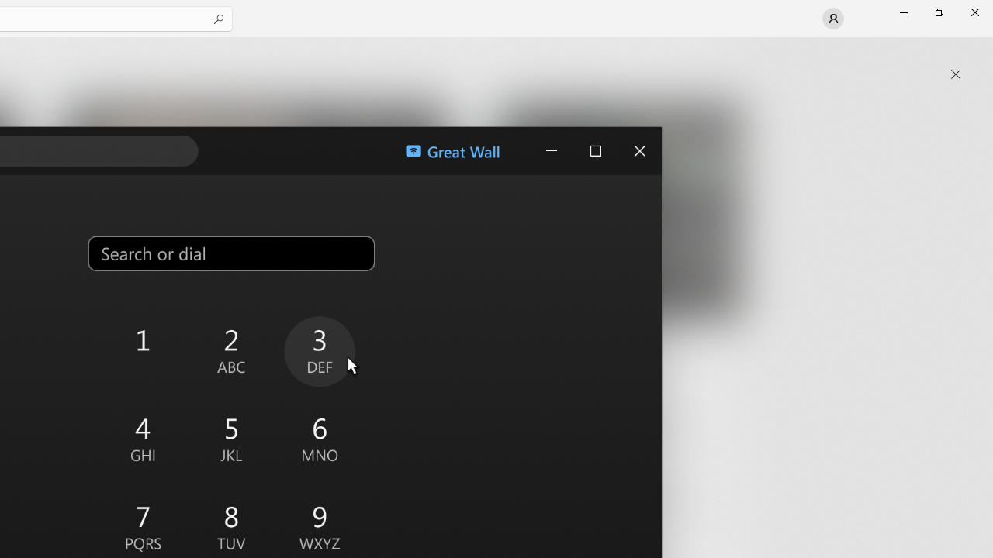  What do you see at coordinates (938, 12) in the screenshot?
I see `'Restore Microsoft Store'` at bounding box center [938, 12].